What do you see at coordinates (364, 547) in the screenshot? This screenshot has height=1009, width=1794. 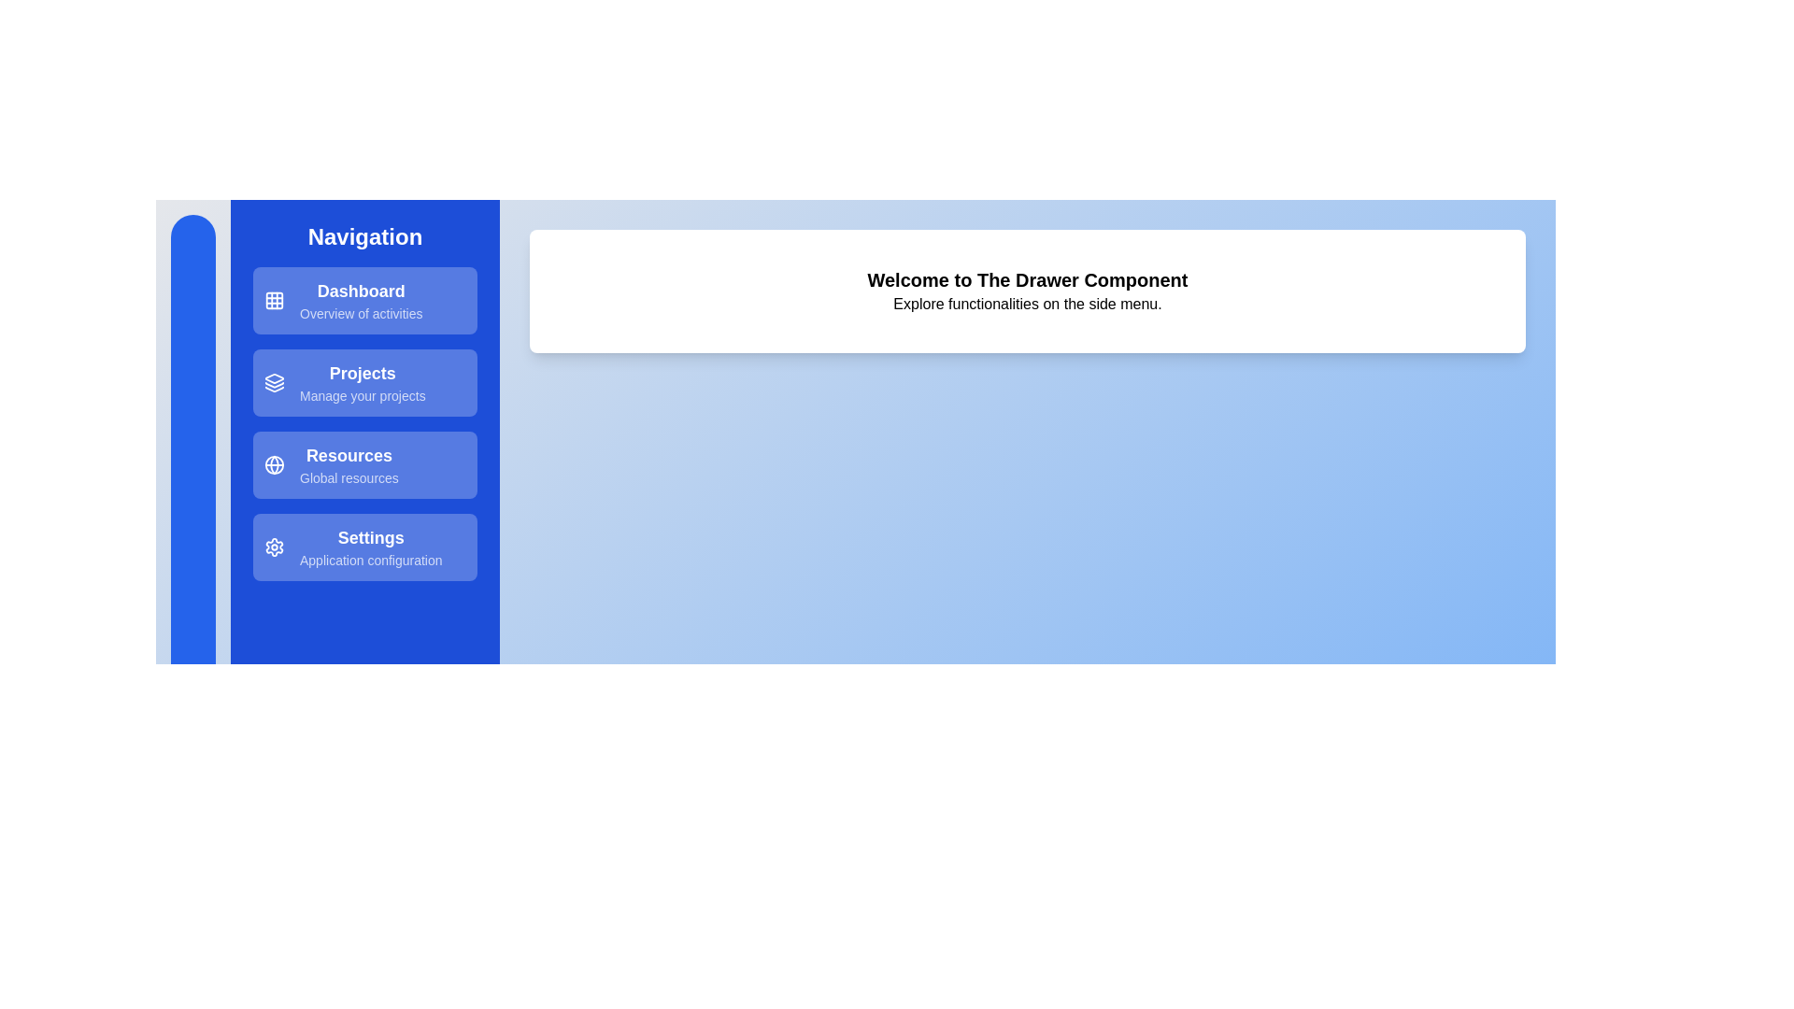 I see `the drawer item labeled 'Settings' to view additional feedback` at bounding box center [364, 547].